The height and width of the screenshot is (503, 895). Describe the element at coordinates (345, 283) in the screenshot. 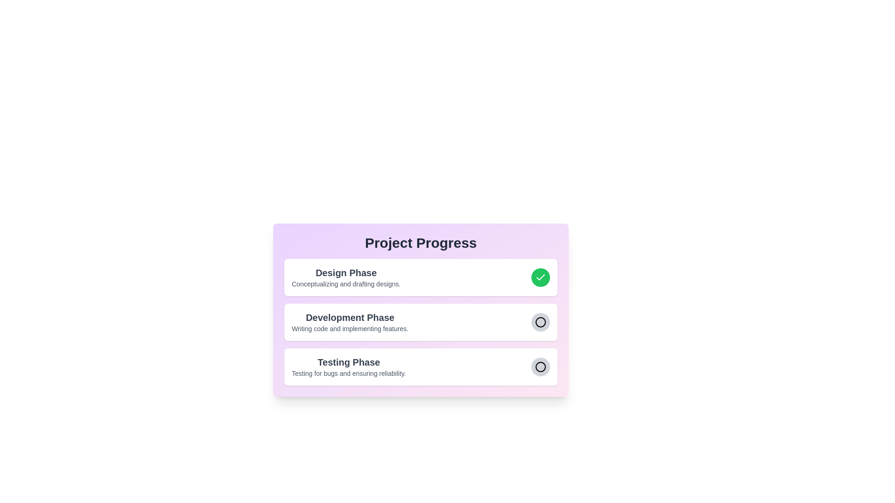

I see `the text element reading 'Conceptualizing and drafting designs.' which is styled in gray and positioned beneath the 'Design Phase' heading` at that location.